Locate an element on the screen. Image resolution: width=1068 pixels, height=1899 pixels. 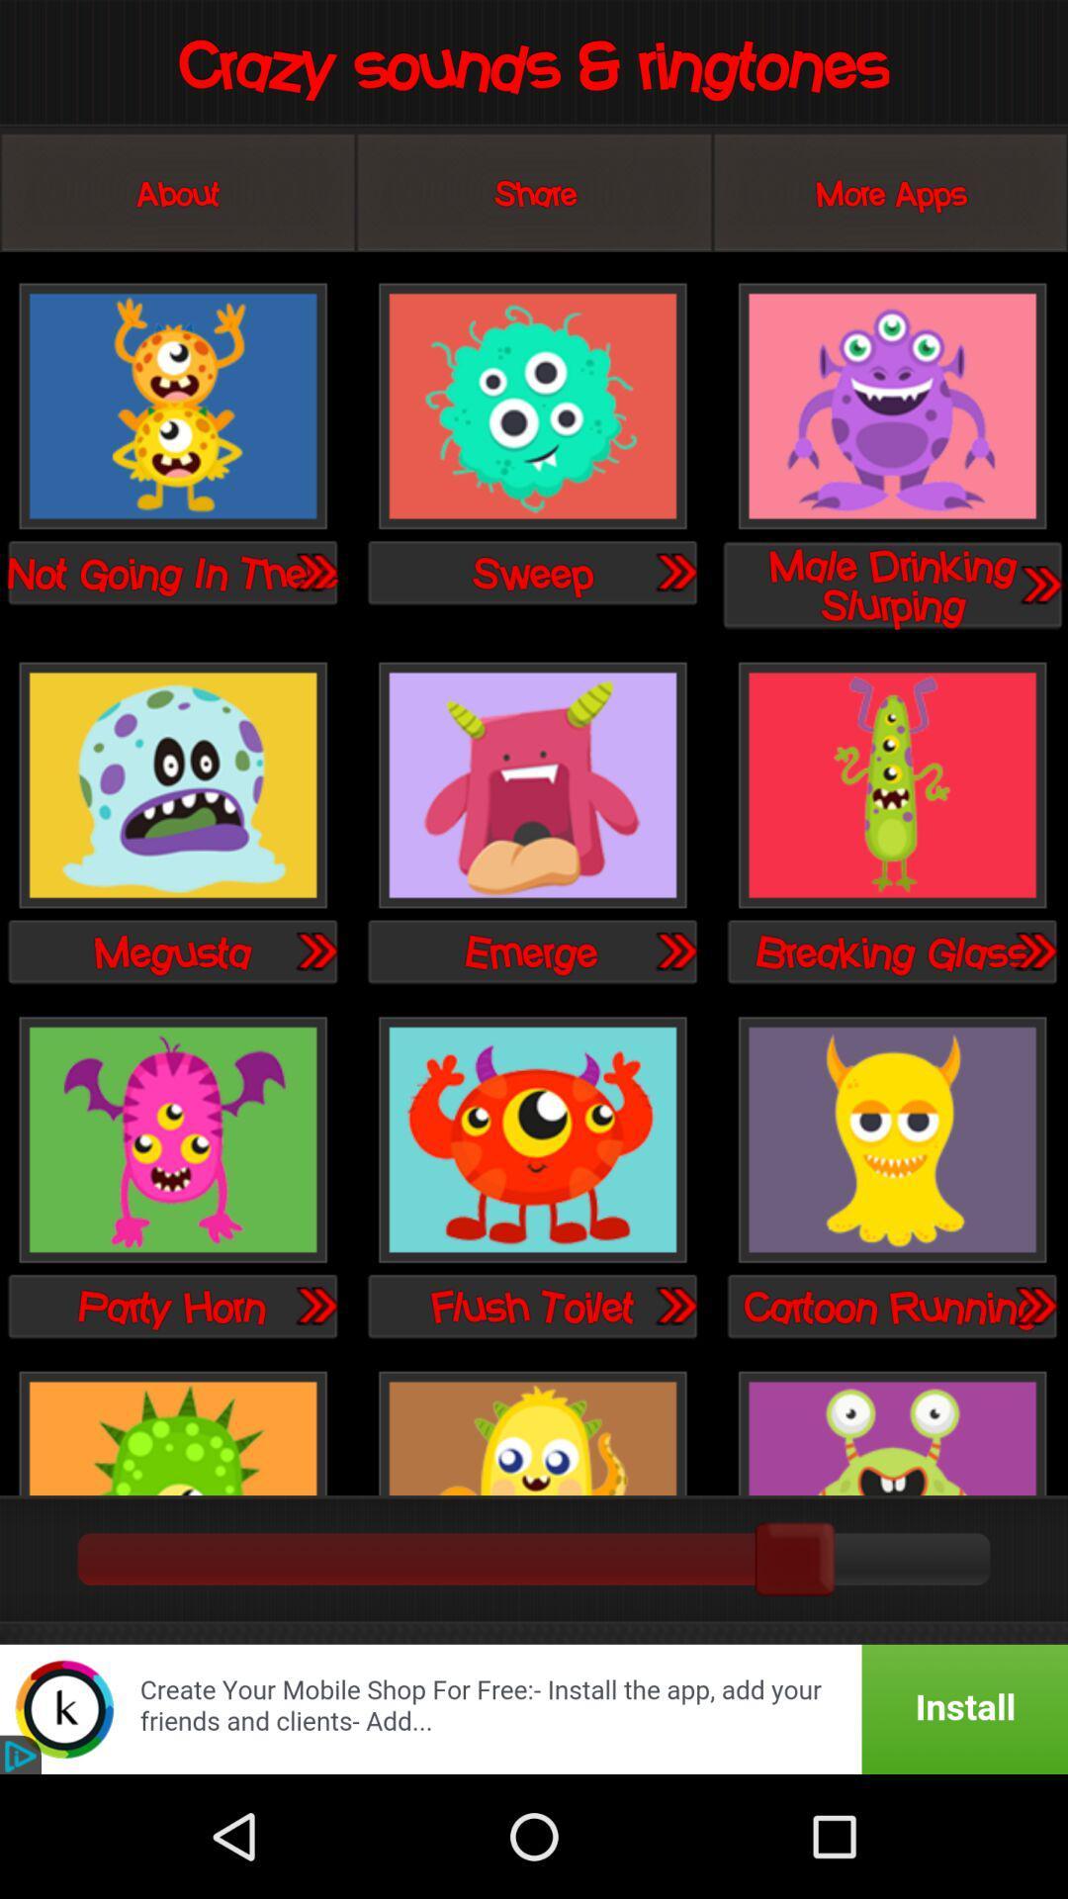
go forward is located at coordinates (674, 1306).